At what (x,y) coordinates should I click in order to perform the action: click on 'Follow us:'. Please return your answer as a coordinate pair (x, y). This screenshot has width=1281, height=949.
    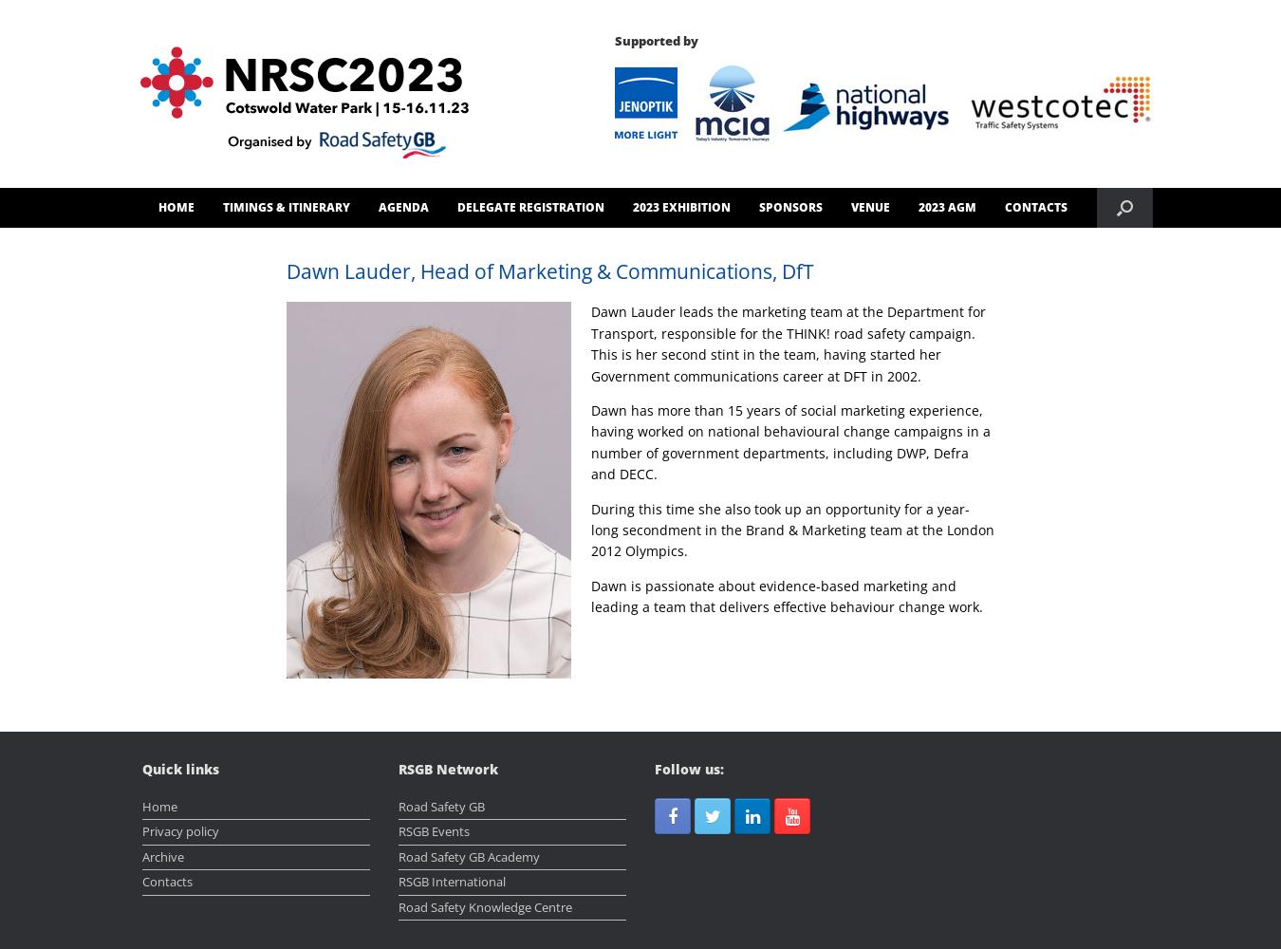
    Looking at the image, I should click on (688, 769).